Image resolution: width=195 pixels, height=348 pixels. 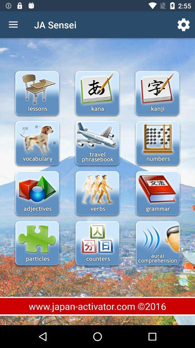 I want to click on vocabulary lessons, so click(x=37, y=144).